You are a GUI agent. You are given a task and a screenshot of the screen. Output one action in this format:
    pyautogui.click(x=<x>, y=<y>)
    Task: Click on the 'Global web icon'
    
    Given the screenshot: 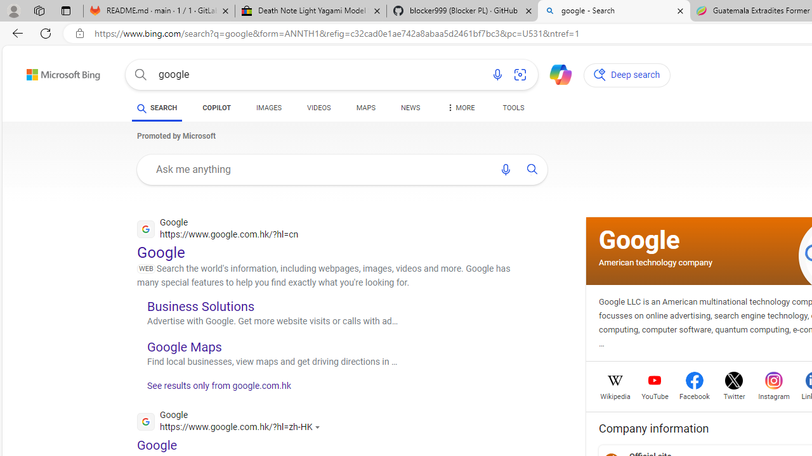 What is the action you would take?
    pyautogui.click(x=145, y=421)
    